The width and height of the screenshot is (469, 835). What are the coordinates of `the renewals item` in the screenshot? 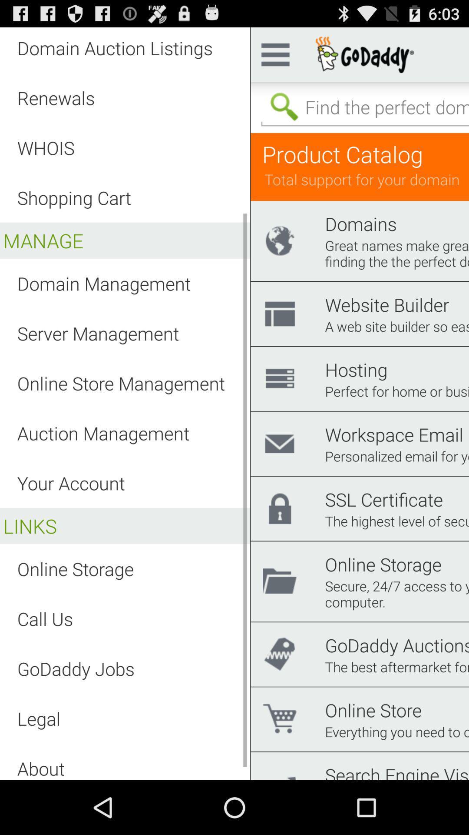 It's located at (56, 98).